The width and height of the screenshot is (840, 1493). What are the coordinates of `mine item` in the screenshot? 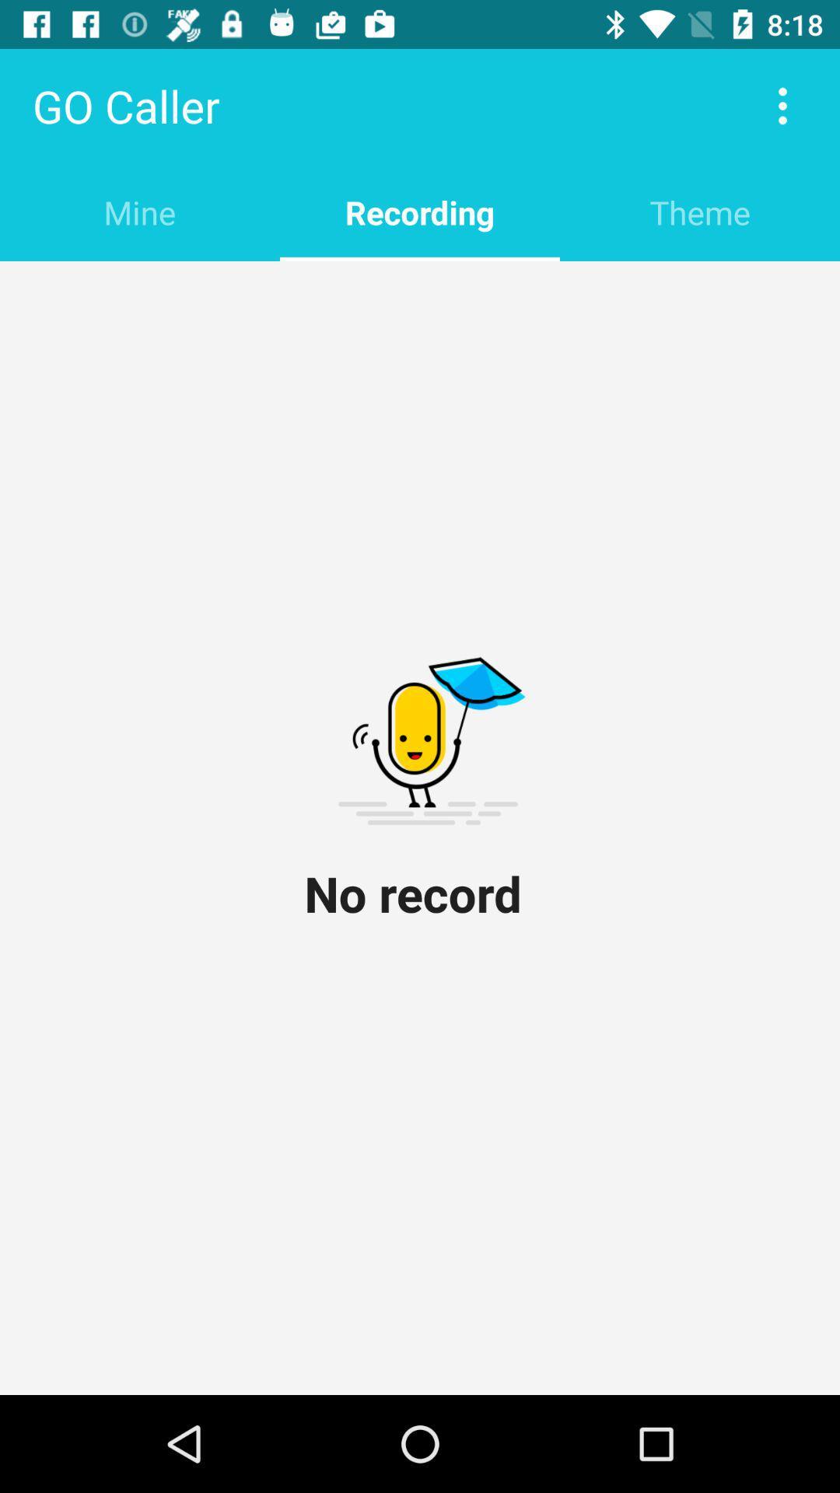 It's located at (140, 212).